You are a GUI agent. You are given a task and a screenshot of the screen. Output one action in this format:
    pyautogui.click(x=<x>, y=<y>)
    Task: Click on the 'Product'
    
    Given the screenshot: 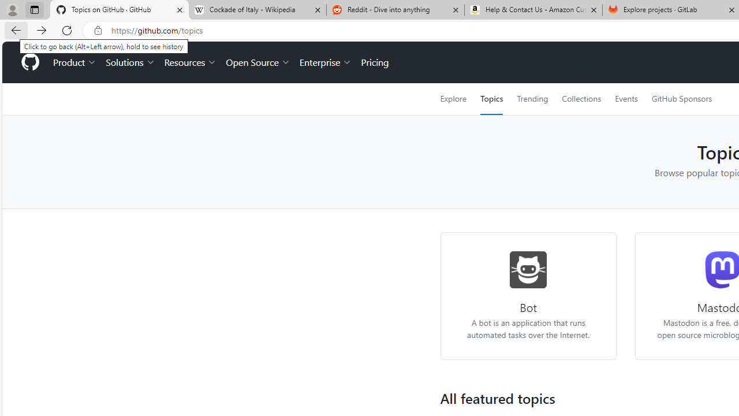 What is the action you would take?
    pyautogui.click(x=74, y=62)
    